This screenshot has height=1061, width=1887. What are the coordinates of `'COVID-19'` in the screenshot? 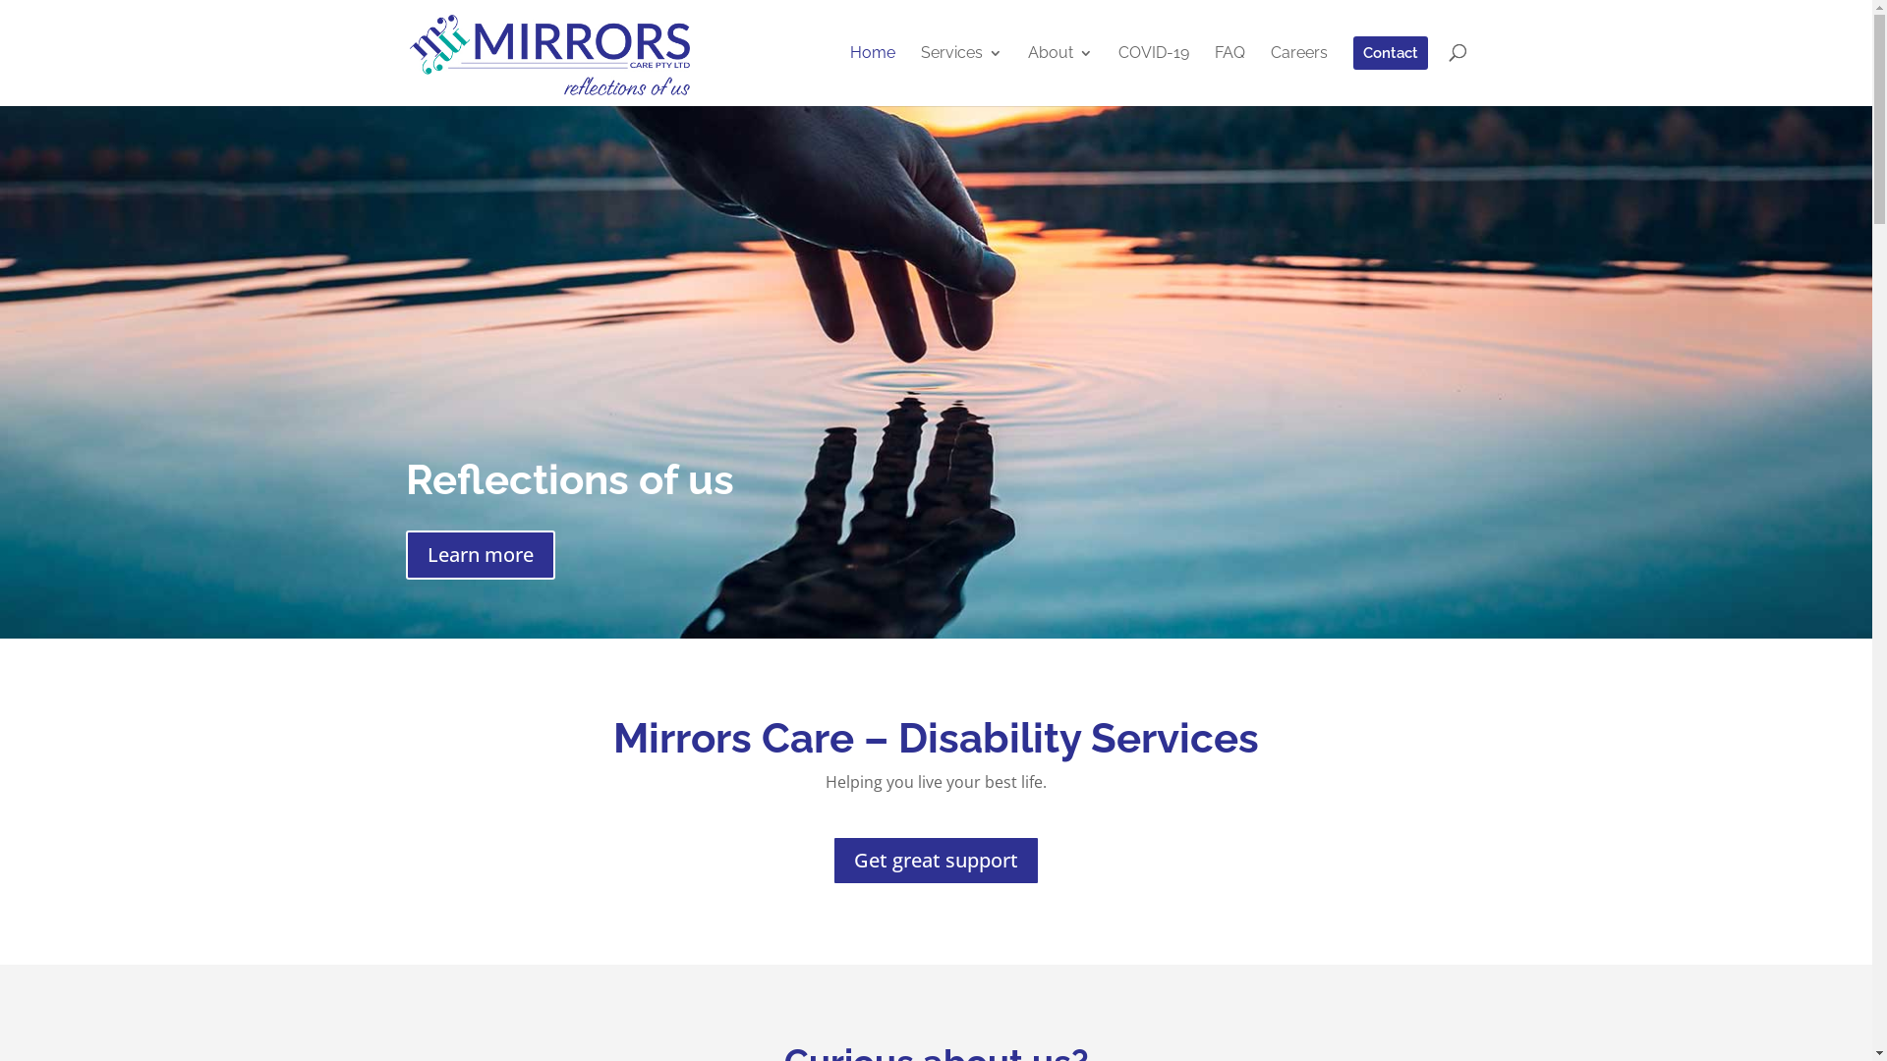 It's located at (1154, 74).